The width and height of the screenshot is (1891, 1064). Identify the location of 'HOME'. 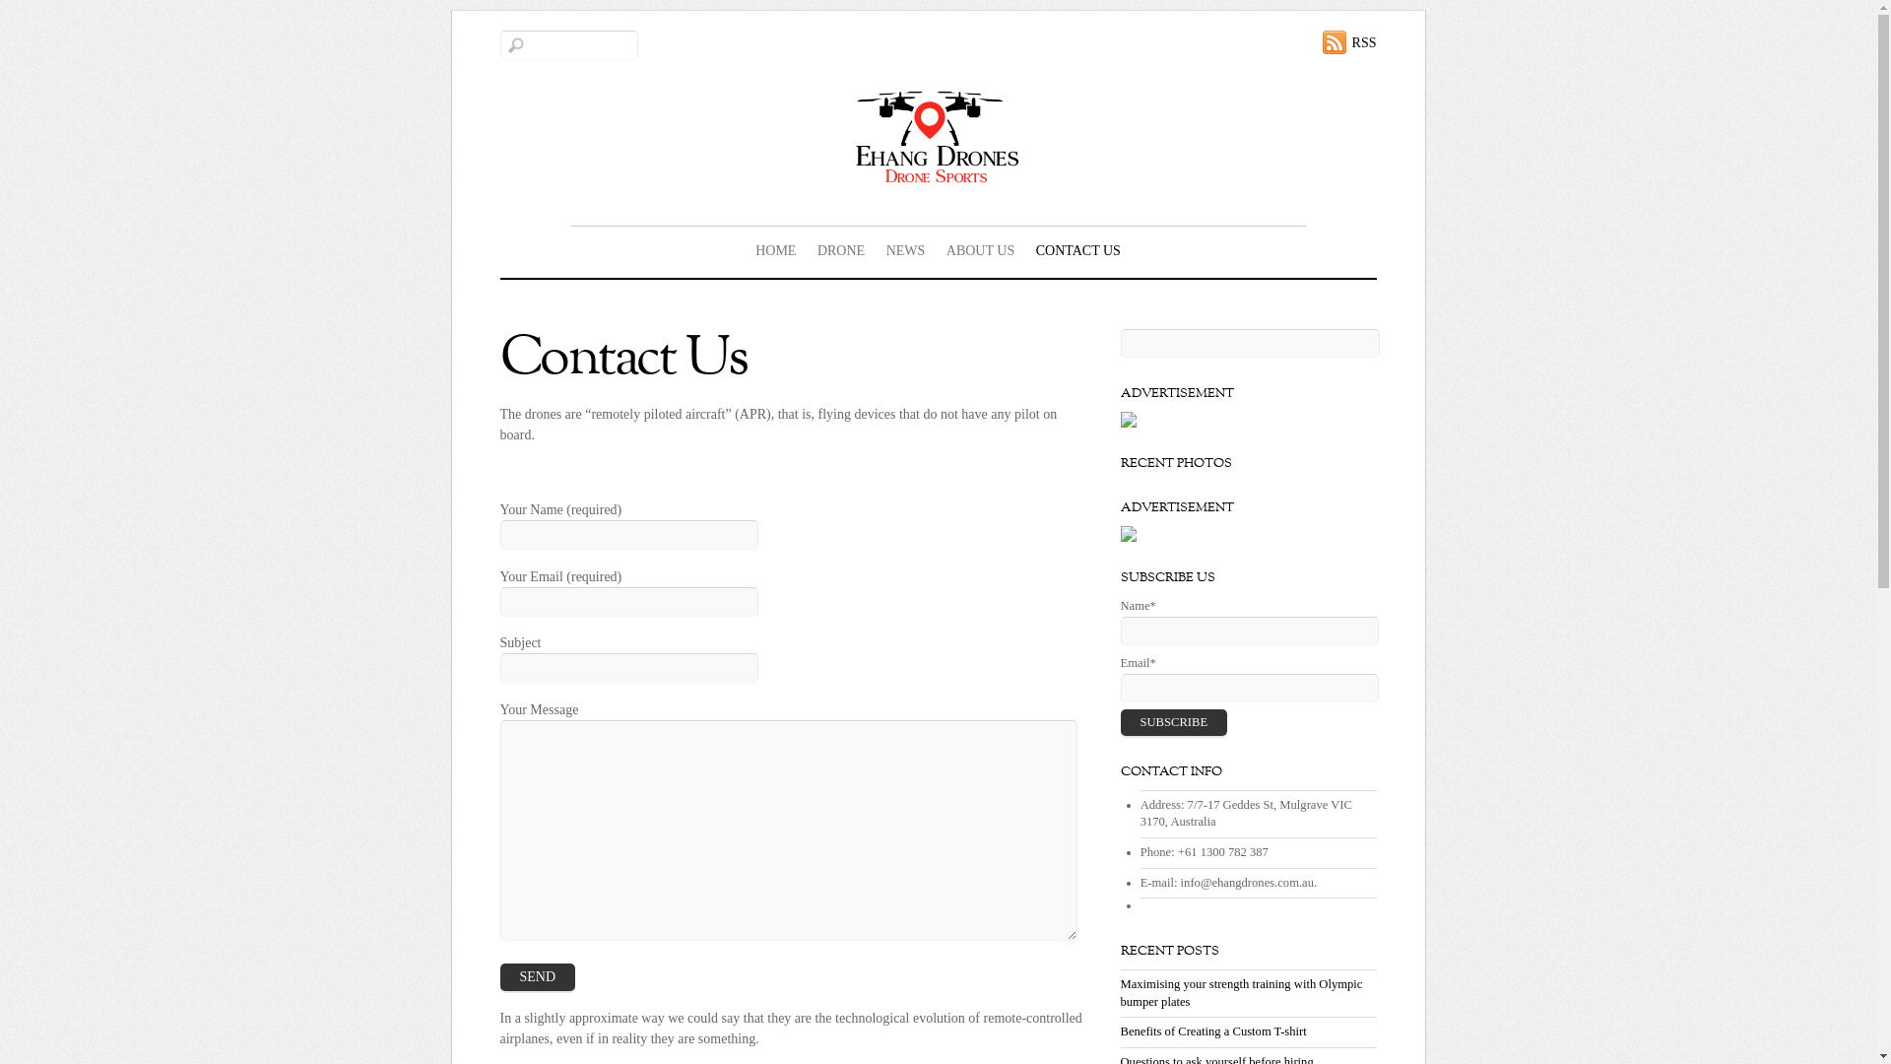
(774, 249).